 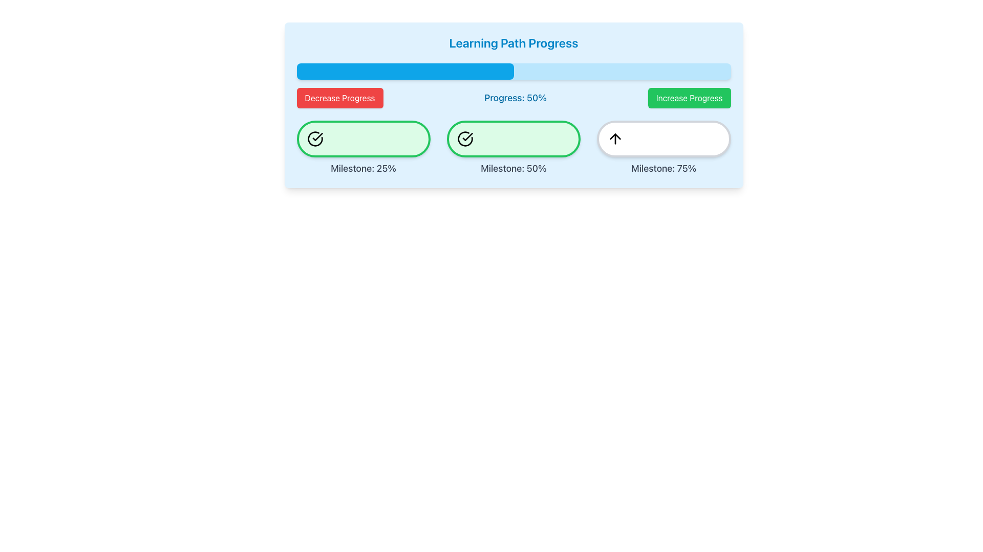 What do you see at coordinates (340, 98) in the screenshot?
I see `the vibrant red button labeled 'Decrease Progress' located below the progress bar` at bounding box center [340, 98].